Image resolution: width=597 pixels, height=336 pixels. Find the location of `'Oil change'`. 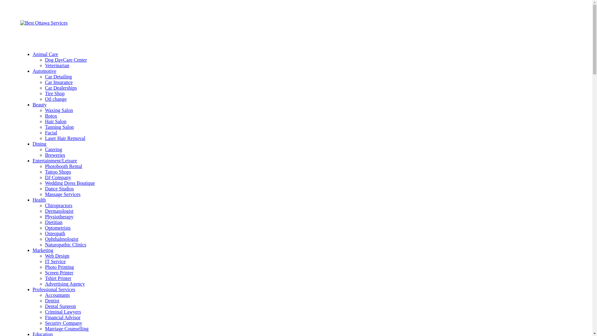

'Oil change' is located at coordinates (44, 99).